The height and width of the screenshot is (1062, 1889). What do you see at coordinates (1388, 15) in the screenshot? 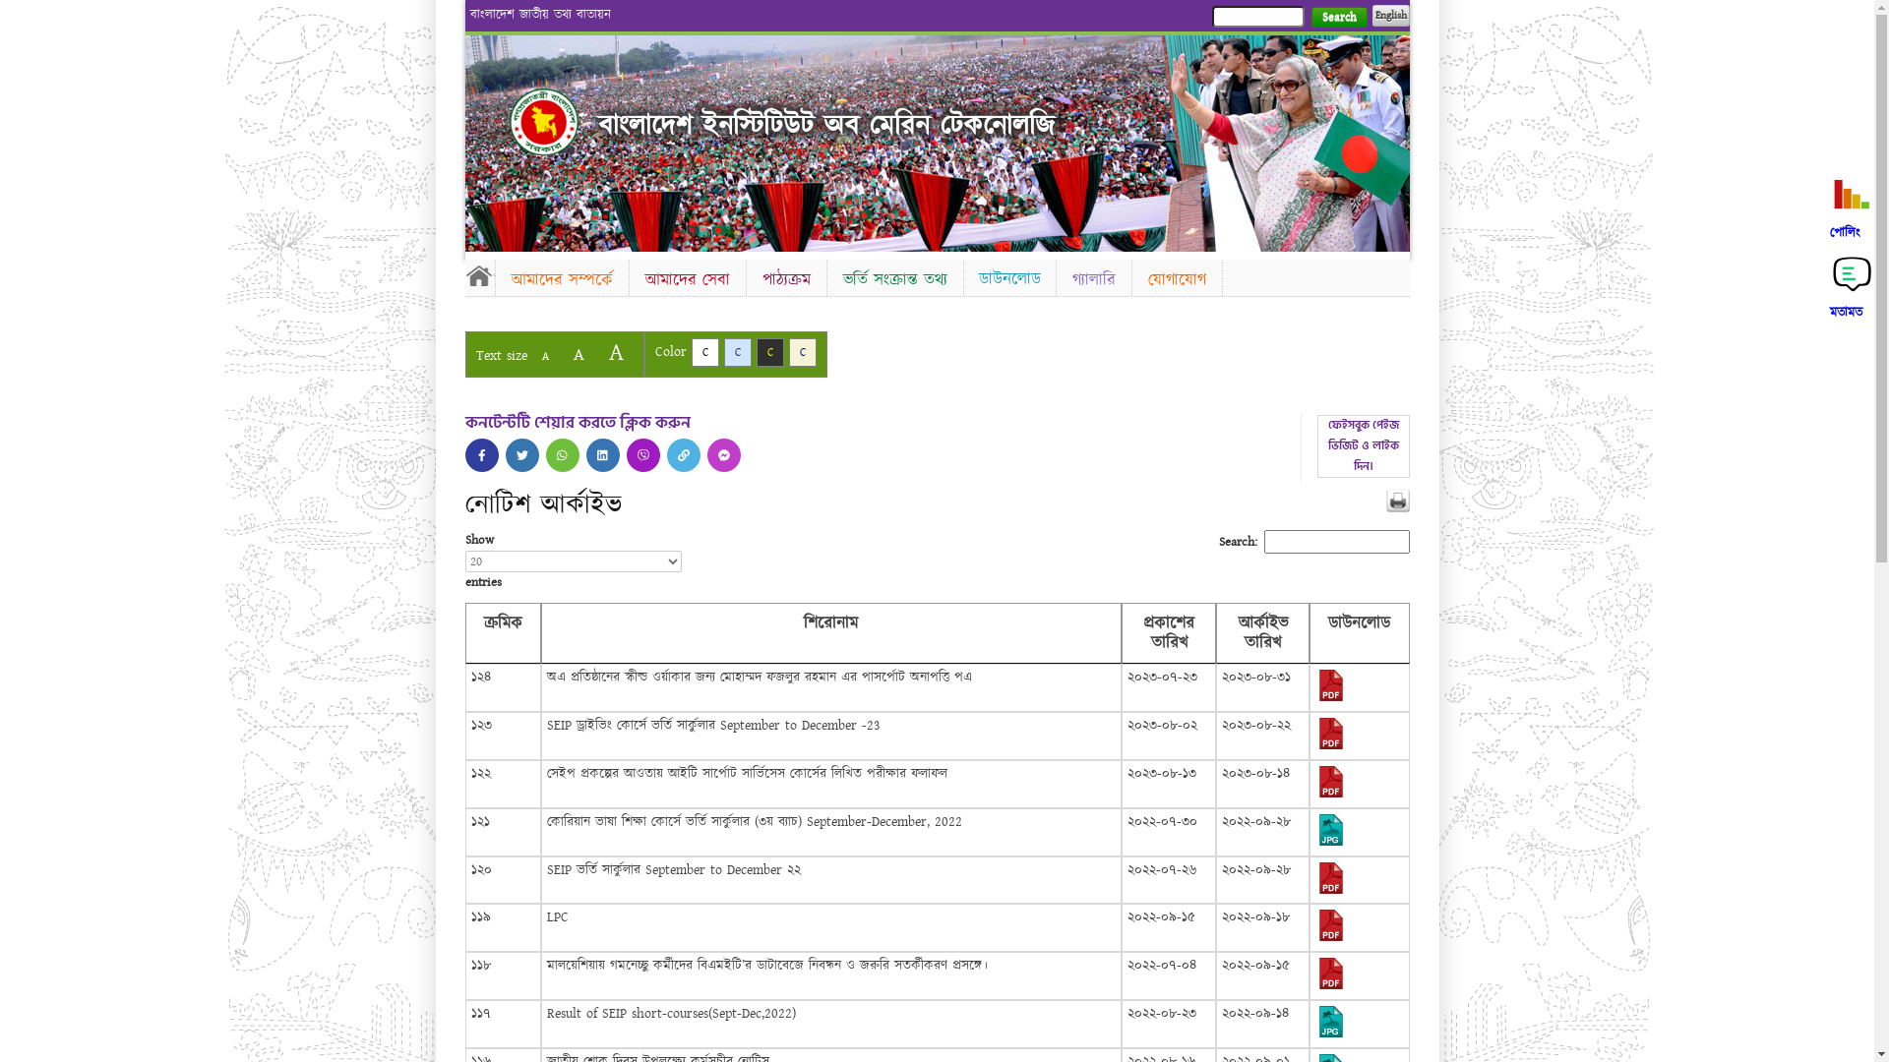
I see `'English'` at bounding box center [1388, 15].